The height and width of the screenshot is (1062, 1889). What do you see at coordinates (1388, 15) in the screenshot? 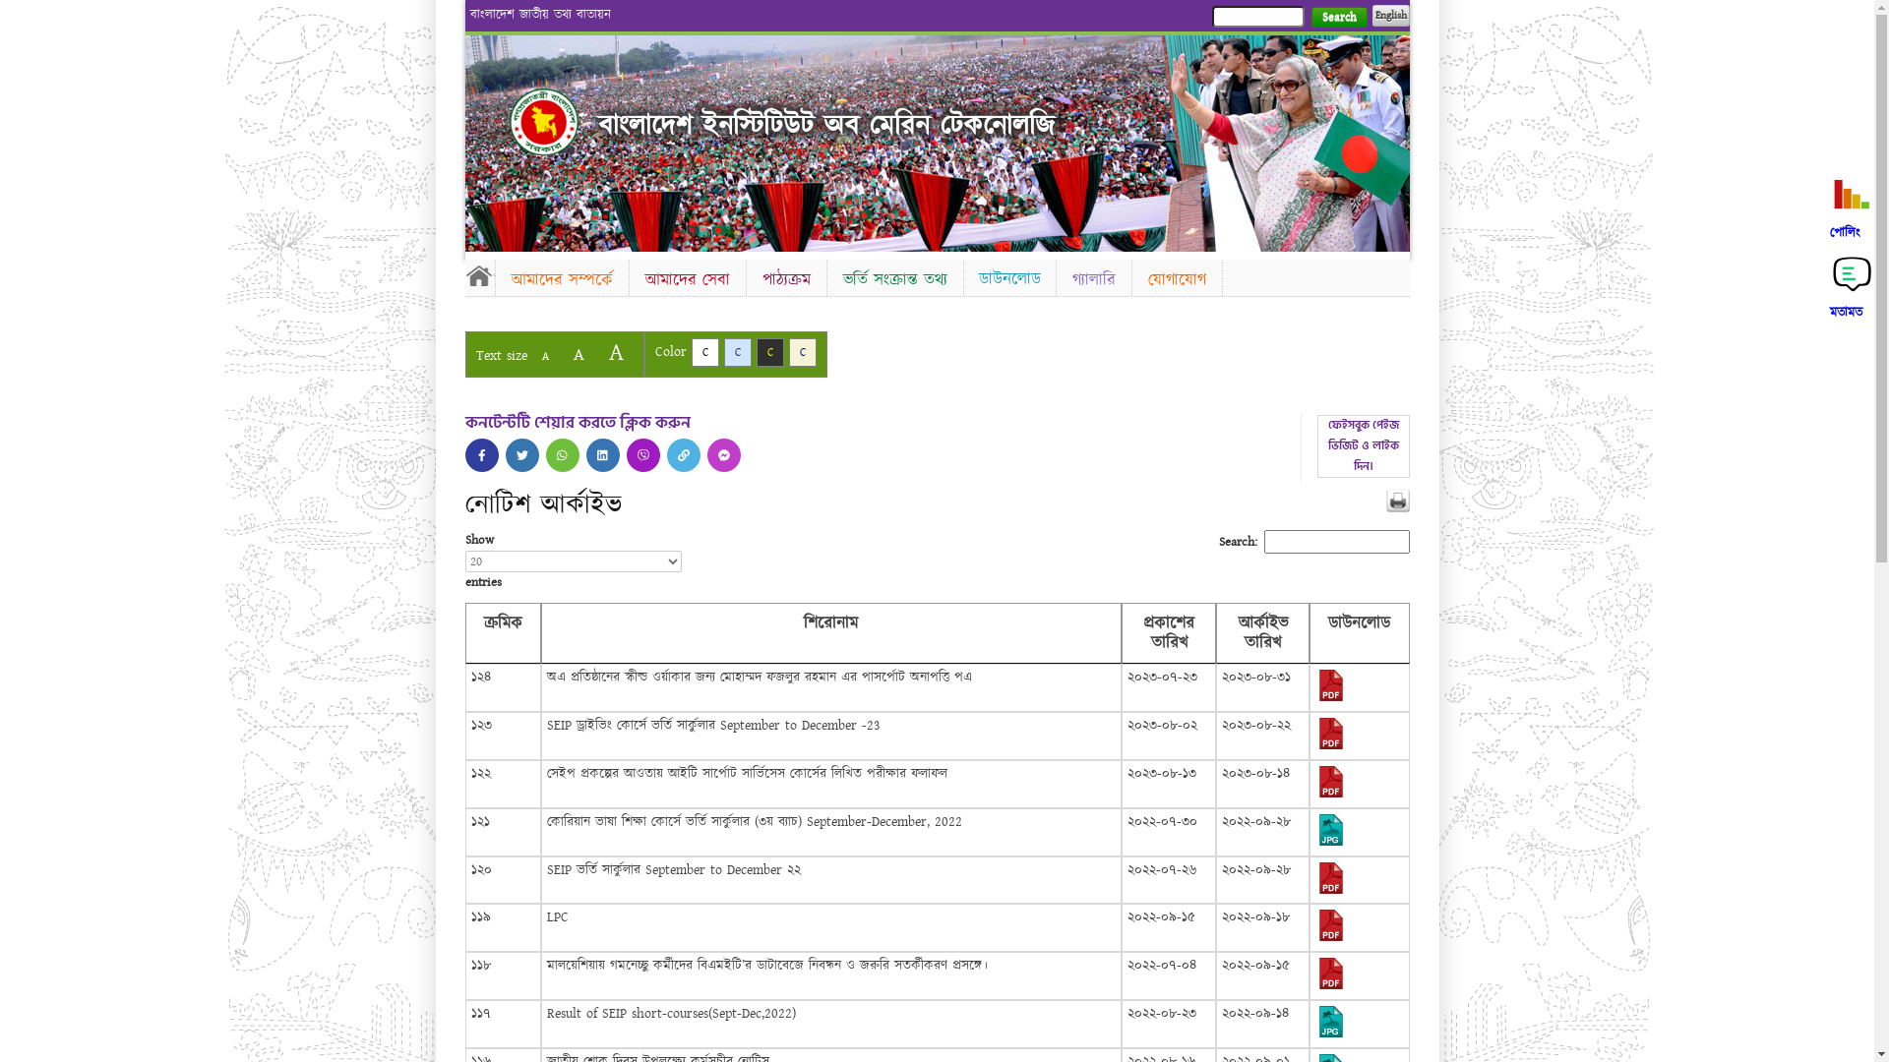
I see `'English'` at bounding box center [1388, 15].